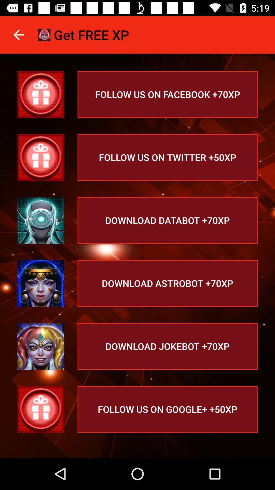  Describe the element at coordinates (40, 409) in the screenshot. I see `the gift icon` at that location.